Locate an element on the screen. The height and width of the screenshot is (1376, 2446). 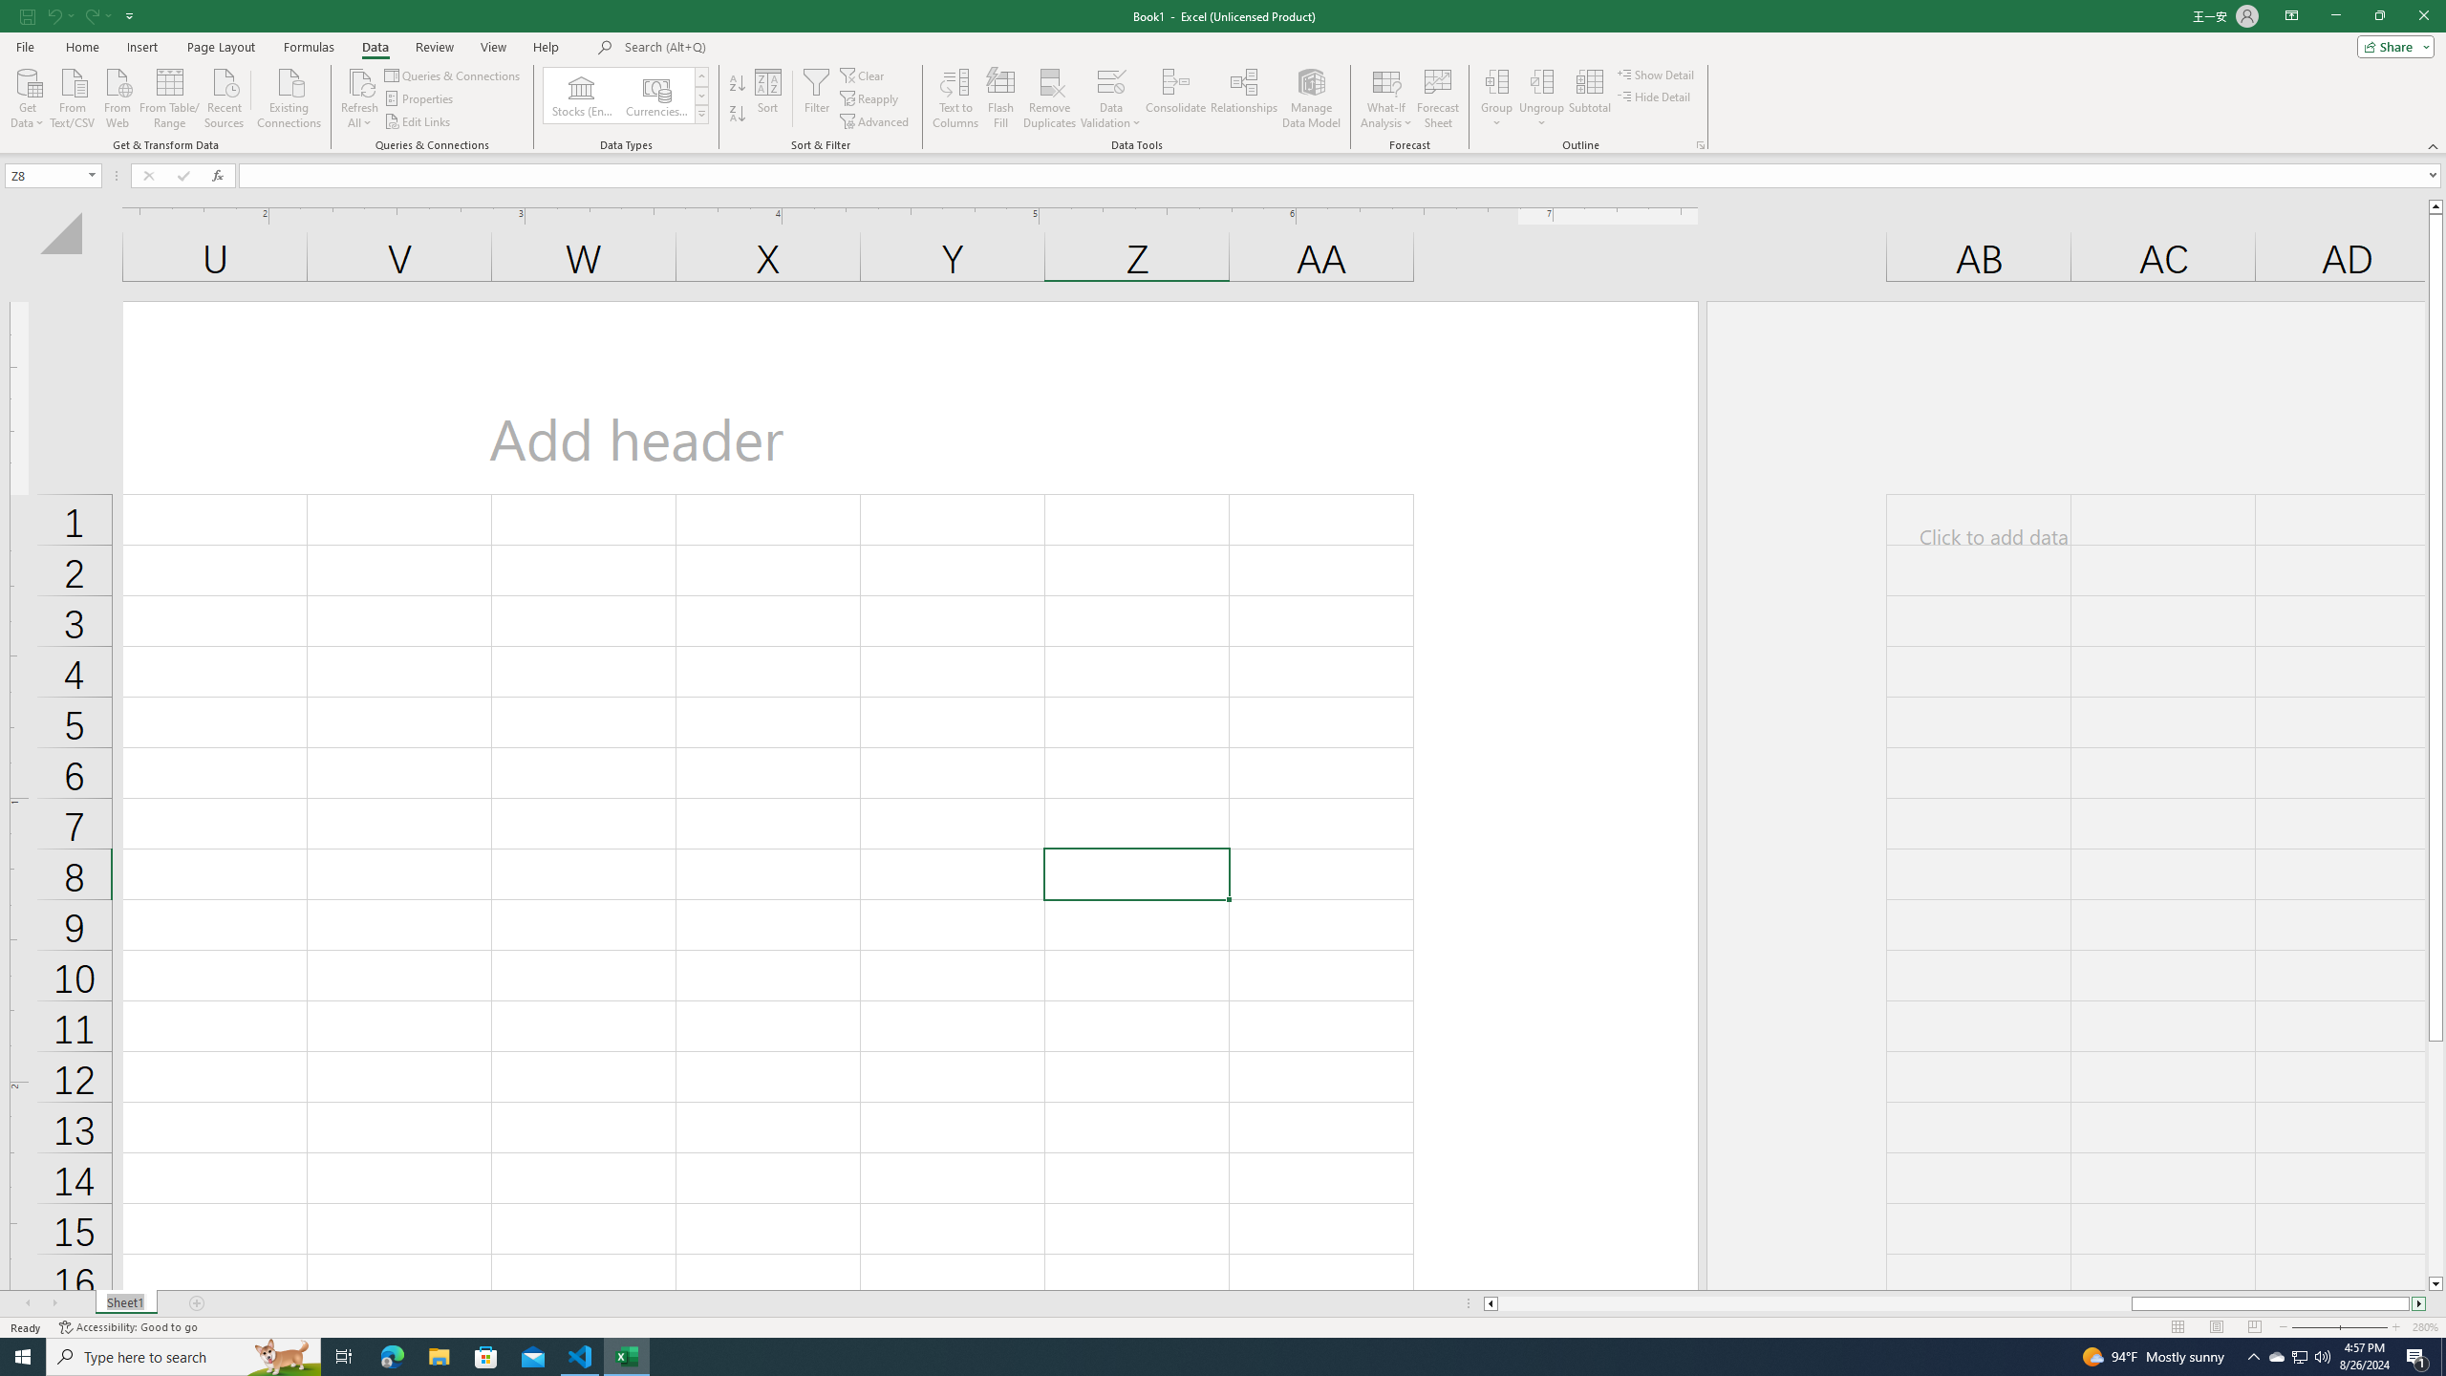
'Data Validation...' is located at coordinates (1110, 98).